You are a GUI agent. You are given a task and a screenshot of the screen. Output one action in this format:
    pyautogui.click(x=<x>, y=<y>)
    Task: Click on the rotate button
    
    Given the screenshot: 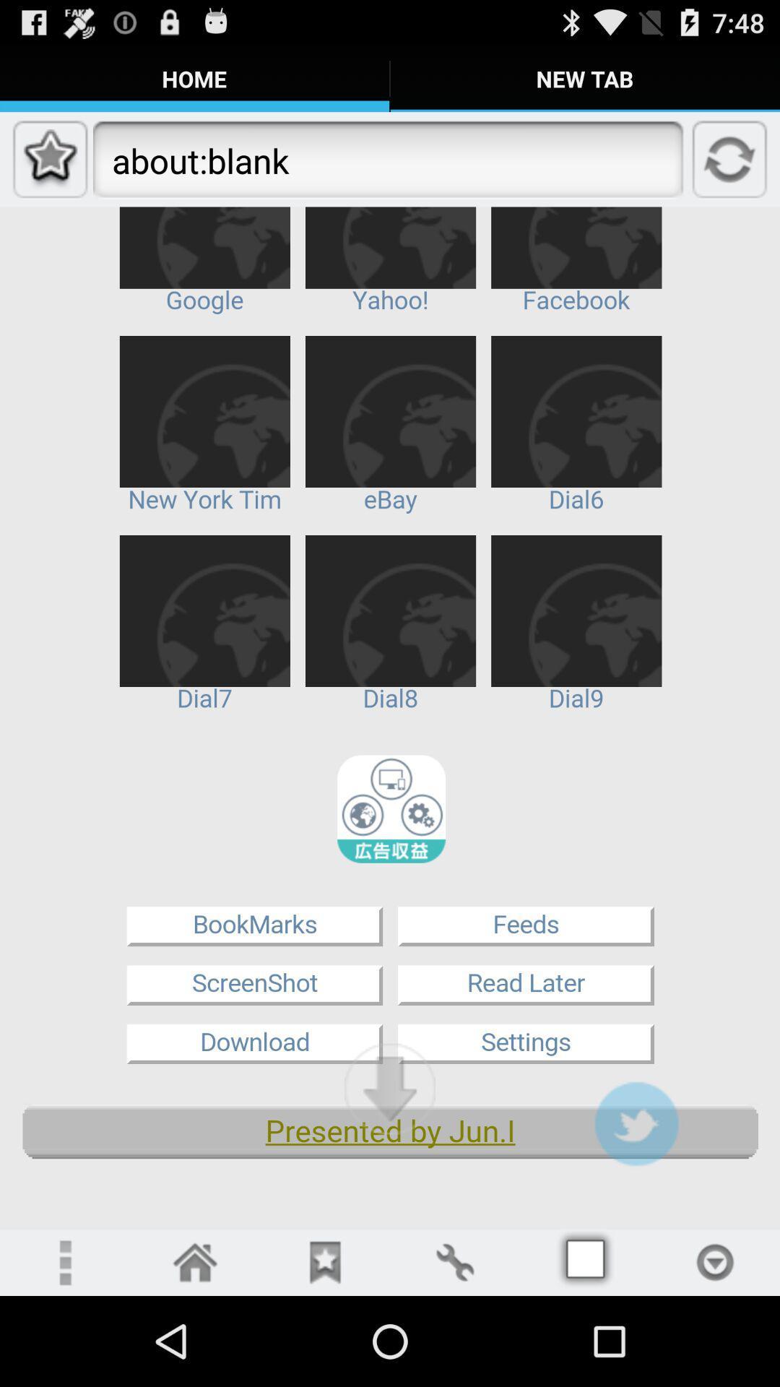 What is the action you would take?
    pyautogui.click(x=454, y=1261)
    